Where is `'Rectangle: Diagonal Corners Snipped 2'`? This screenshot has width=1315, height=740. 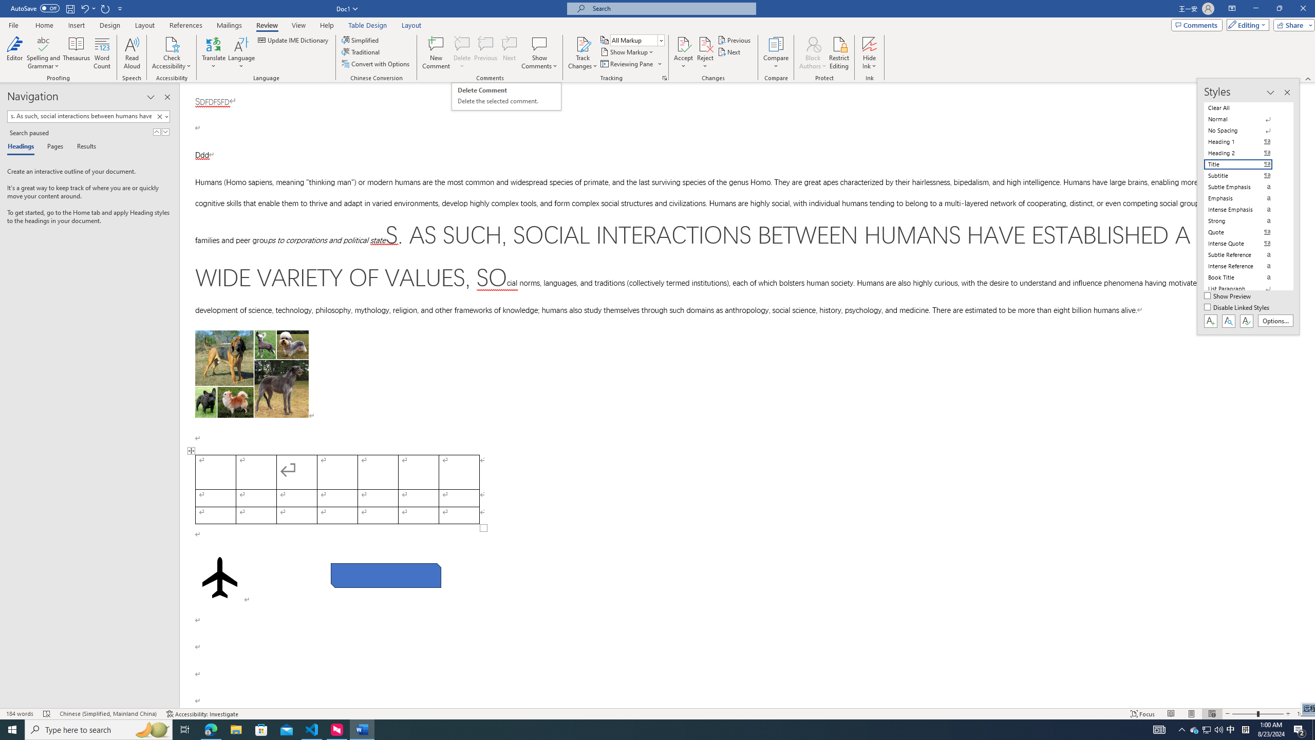 'Rectangle: Diagonal Corners Snipped 2' is located at coordinates (386, 575).